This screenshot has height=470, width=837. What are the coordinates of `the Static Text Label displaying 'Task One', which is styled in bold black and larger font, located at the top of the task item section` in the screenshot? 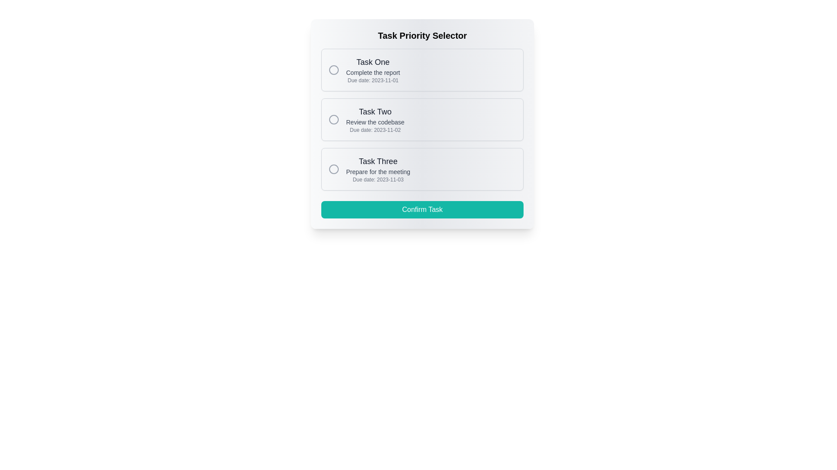 It's located at (373, 61).